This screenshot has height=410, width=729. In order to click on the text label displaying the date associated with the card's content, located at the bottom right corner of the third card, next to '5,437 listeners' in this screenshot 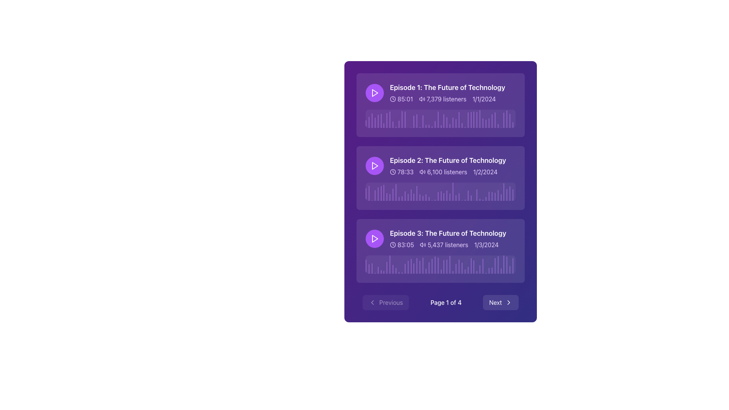, I will do `click(486, 244)`.